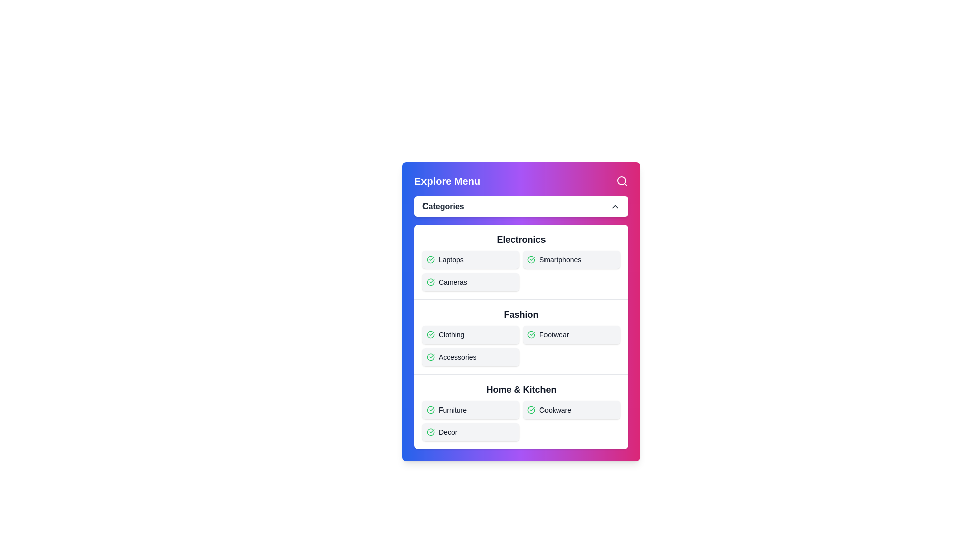 Image resolution: width=968 pixels, height=544 pixels. What do you see at coordinates (621, 180) in the screenshot?
I see `the Search Icon button located at the top-right corner of the Explore Menu section to initiate a search` at bounding box center [621, 180].